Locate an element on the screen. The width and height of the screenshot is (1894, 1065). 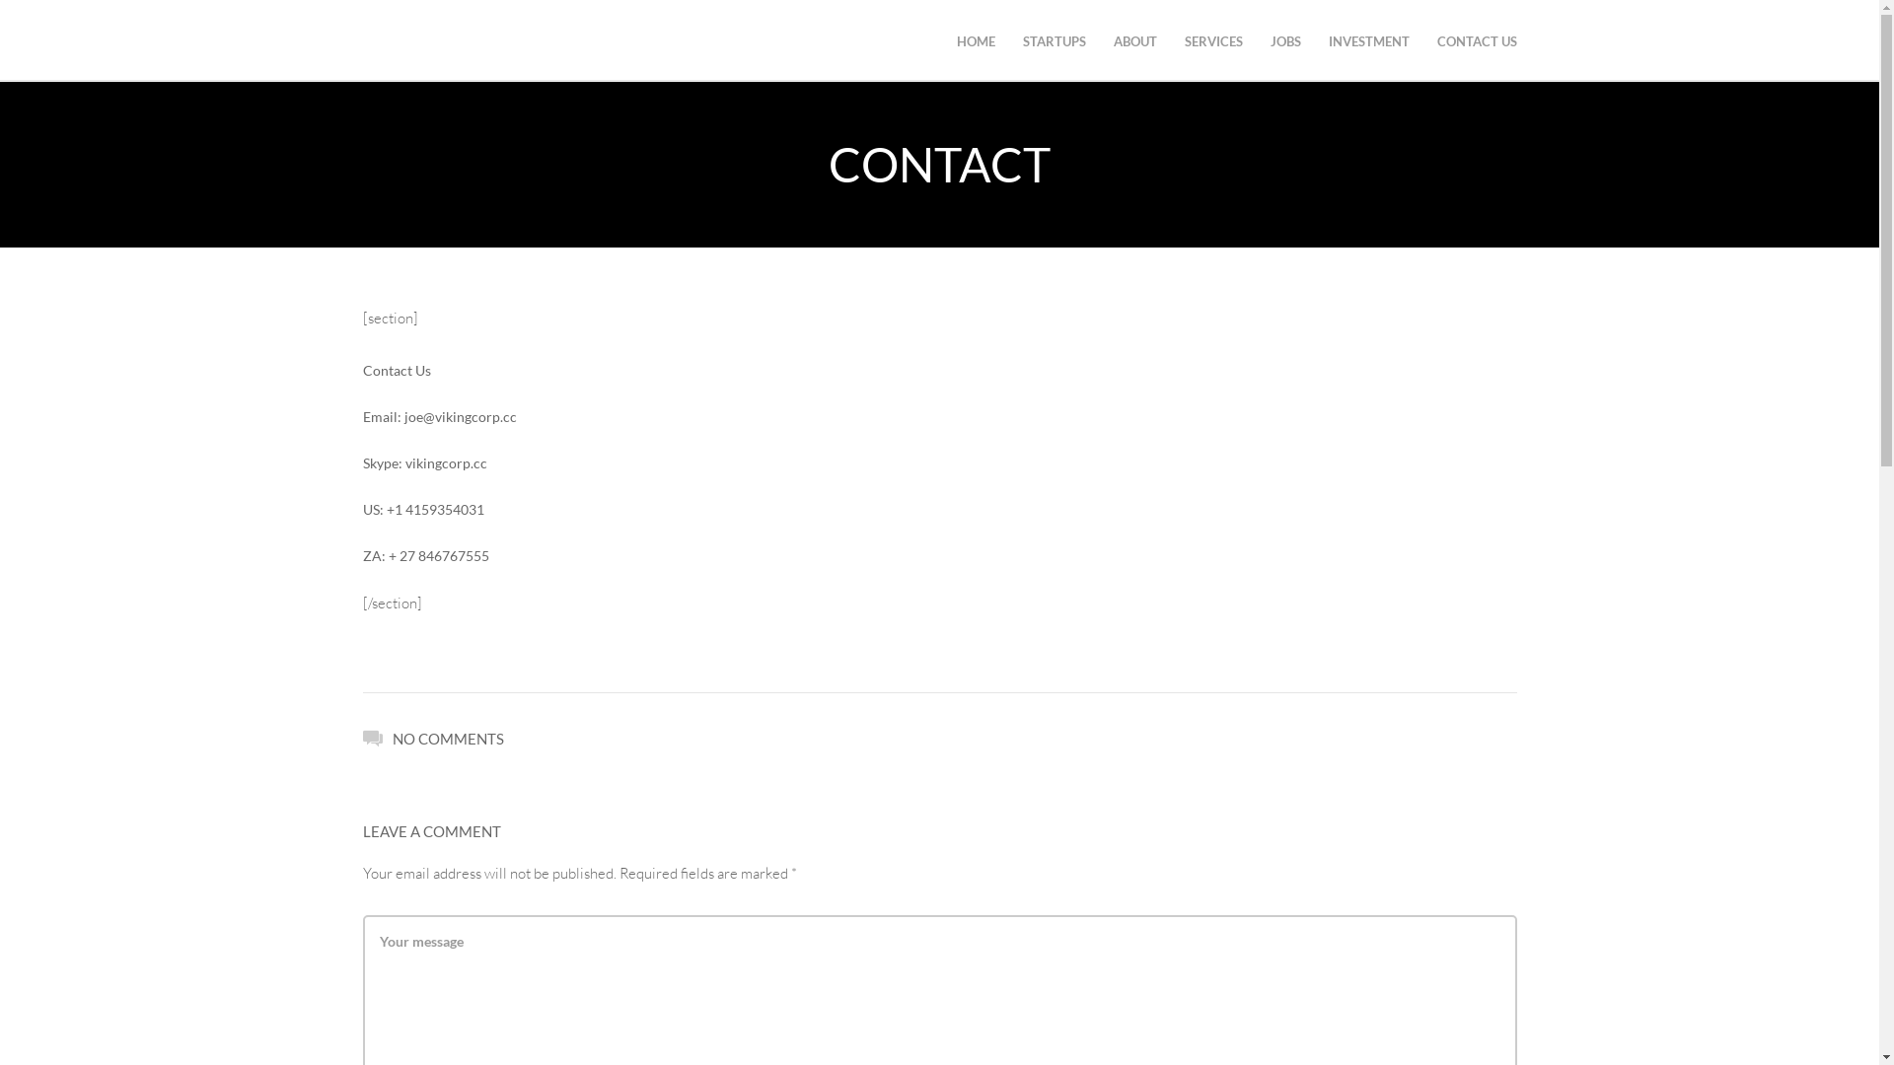
'ABOUT' is located at coordinates (1113, 41).